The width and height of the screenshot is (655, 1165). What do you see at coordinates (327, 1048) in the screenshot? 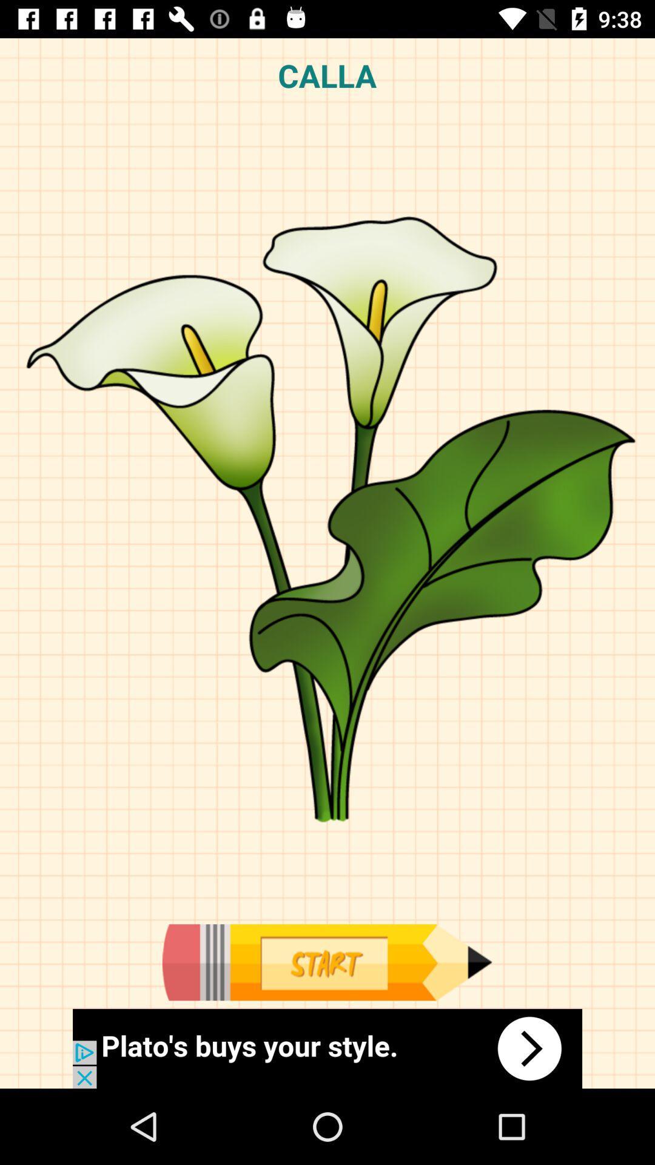
I see `advertiser` at bounding box center [327, 1048].